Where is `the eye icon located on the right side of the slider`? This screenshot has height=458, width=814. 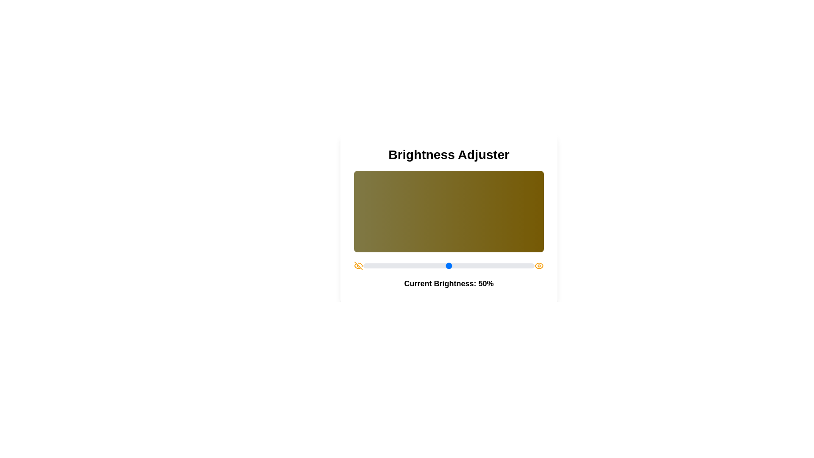
the eye icon located on the right side of the slider is located at coordinates (539, 265).